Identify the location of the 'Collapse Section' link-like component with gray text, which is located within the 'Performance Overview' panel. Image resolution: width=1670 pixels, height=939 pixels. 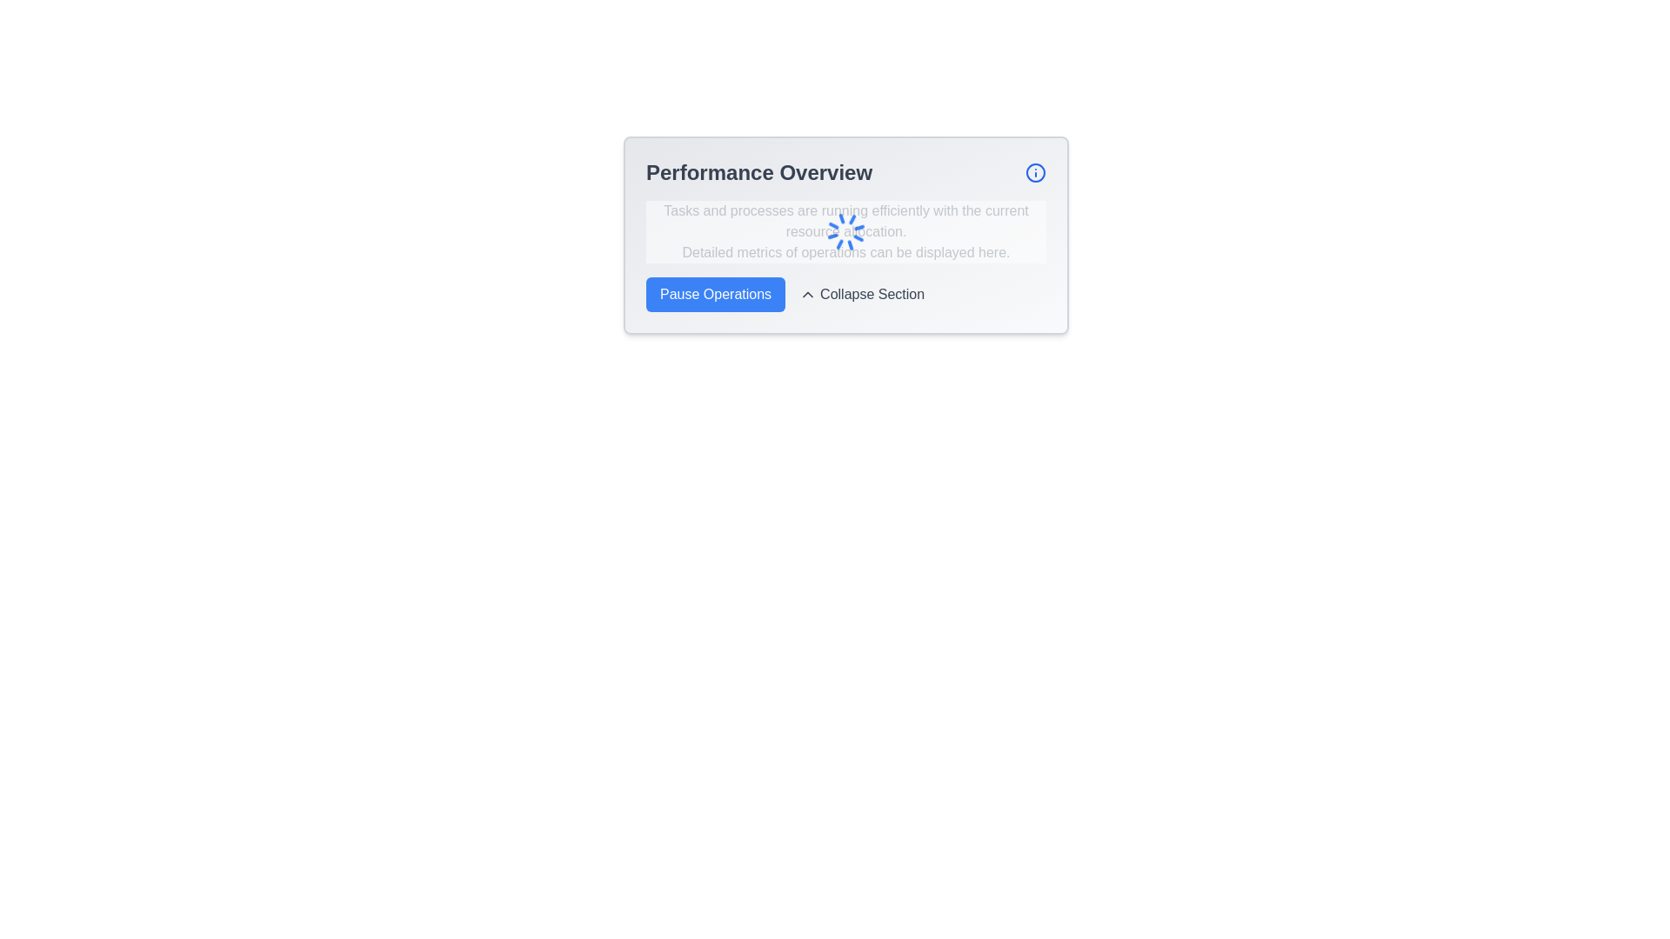
(846, 294).